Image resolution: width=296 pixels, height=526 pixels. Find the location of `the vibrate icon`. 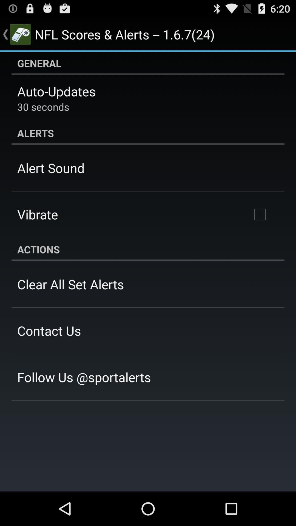

the vibrate icon is located at coordinates (37, 214).